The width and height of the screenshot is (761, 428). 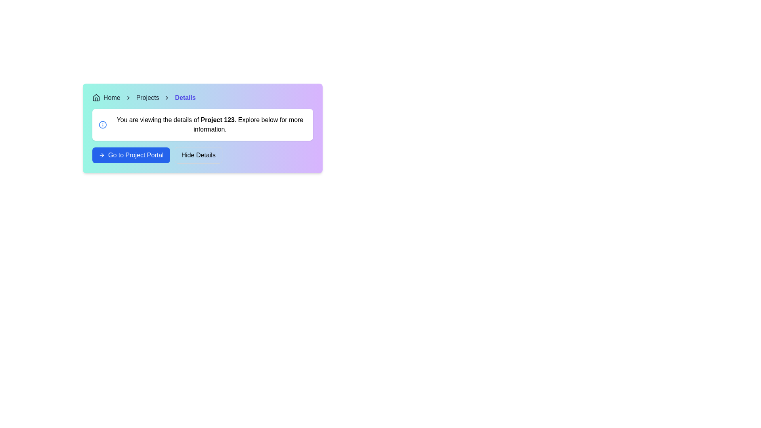 I want to click on the text element that describes 'Project 123' within the sentence 'You are viewing the details of Project 123.', so click(x=218, y=120).